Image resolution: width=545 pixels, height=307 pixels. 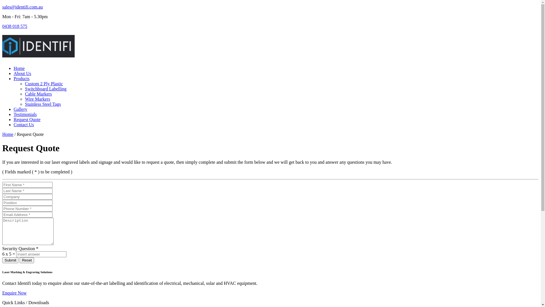 What do you see at coordinates (22, 7) in the screenshot?
I see `'sales@identifi.com.au'` at bounding box center [22, 7].